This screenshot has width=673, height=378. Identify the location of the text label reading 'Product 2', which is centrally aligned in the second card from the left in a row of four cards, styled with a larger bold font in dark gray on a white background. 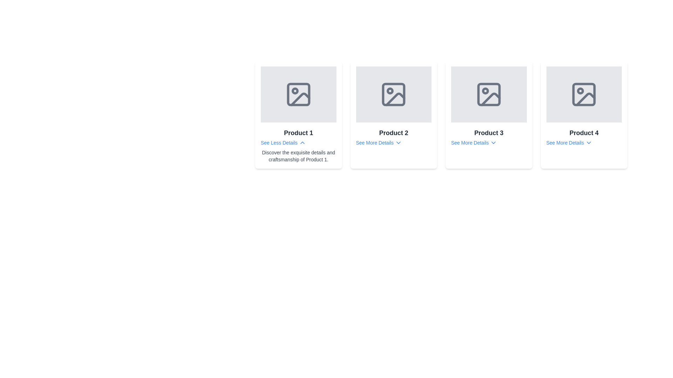
(394, 133).